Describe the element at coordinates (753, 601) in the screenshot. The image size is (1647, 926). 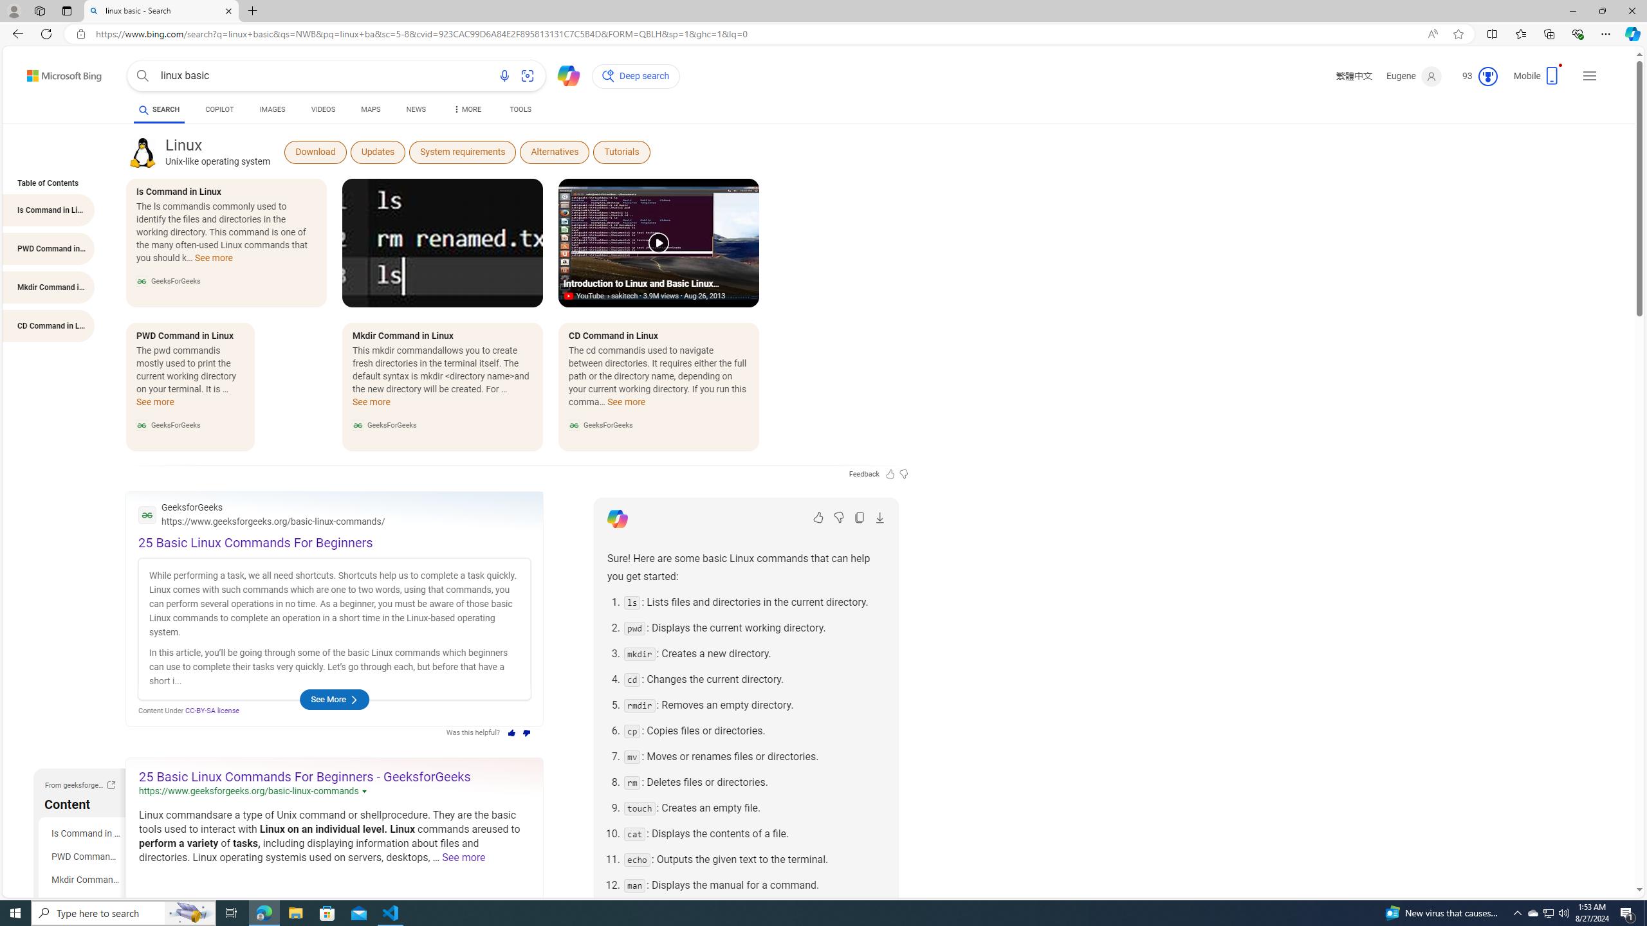
I see `'ls: Lists files and directories in the current directory.'` at that location.